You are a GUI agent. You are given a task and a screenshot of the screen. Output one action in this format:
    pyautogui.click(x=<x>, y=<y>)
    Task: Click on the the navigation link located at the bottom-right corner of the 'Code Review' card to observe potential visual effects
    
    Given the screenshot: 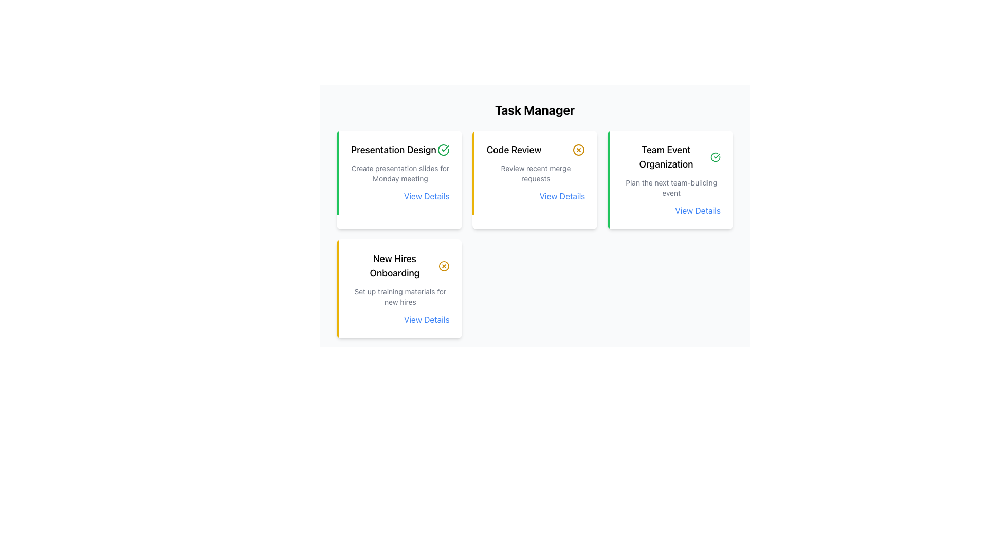 What is the action you would take?
    pyautogui.click(x=535, y=196)
    